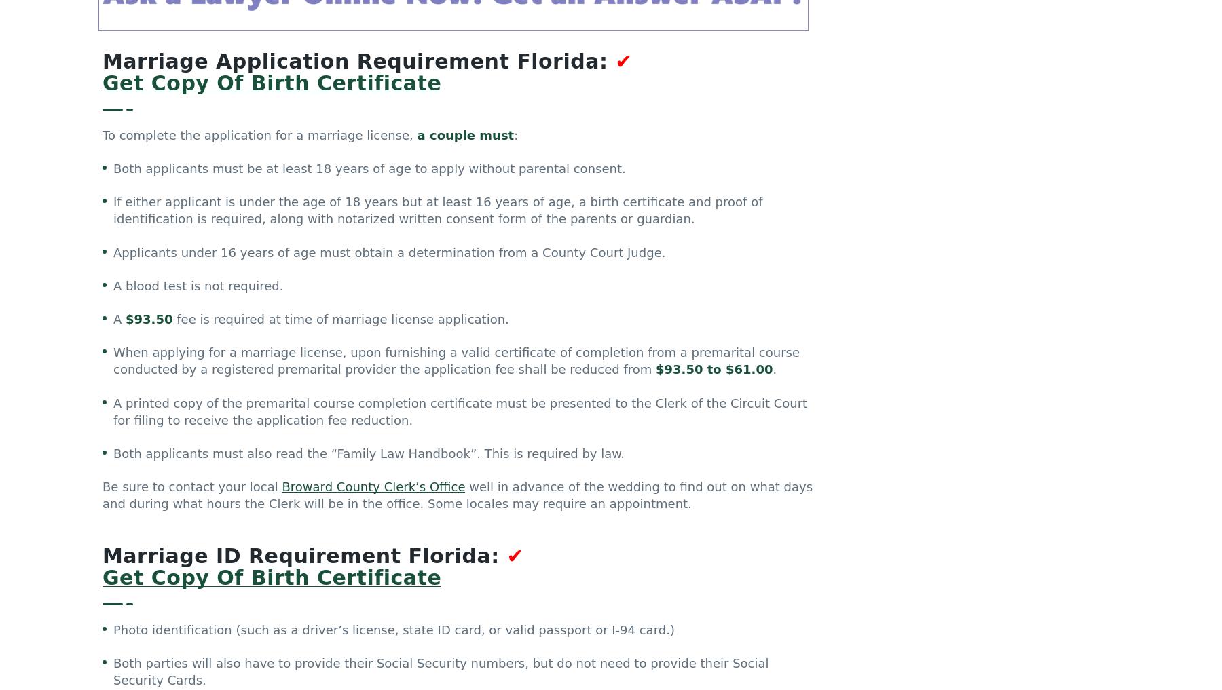 The width and height of the screenshot is (1222, 690). What do you see at coordinates (389, 254) in the screenshot?
I see `'Applicants under 16 years of age must obtain a determination from a County Court Judge.'` at bounding box center [389, 254].